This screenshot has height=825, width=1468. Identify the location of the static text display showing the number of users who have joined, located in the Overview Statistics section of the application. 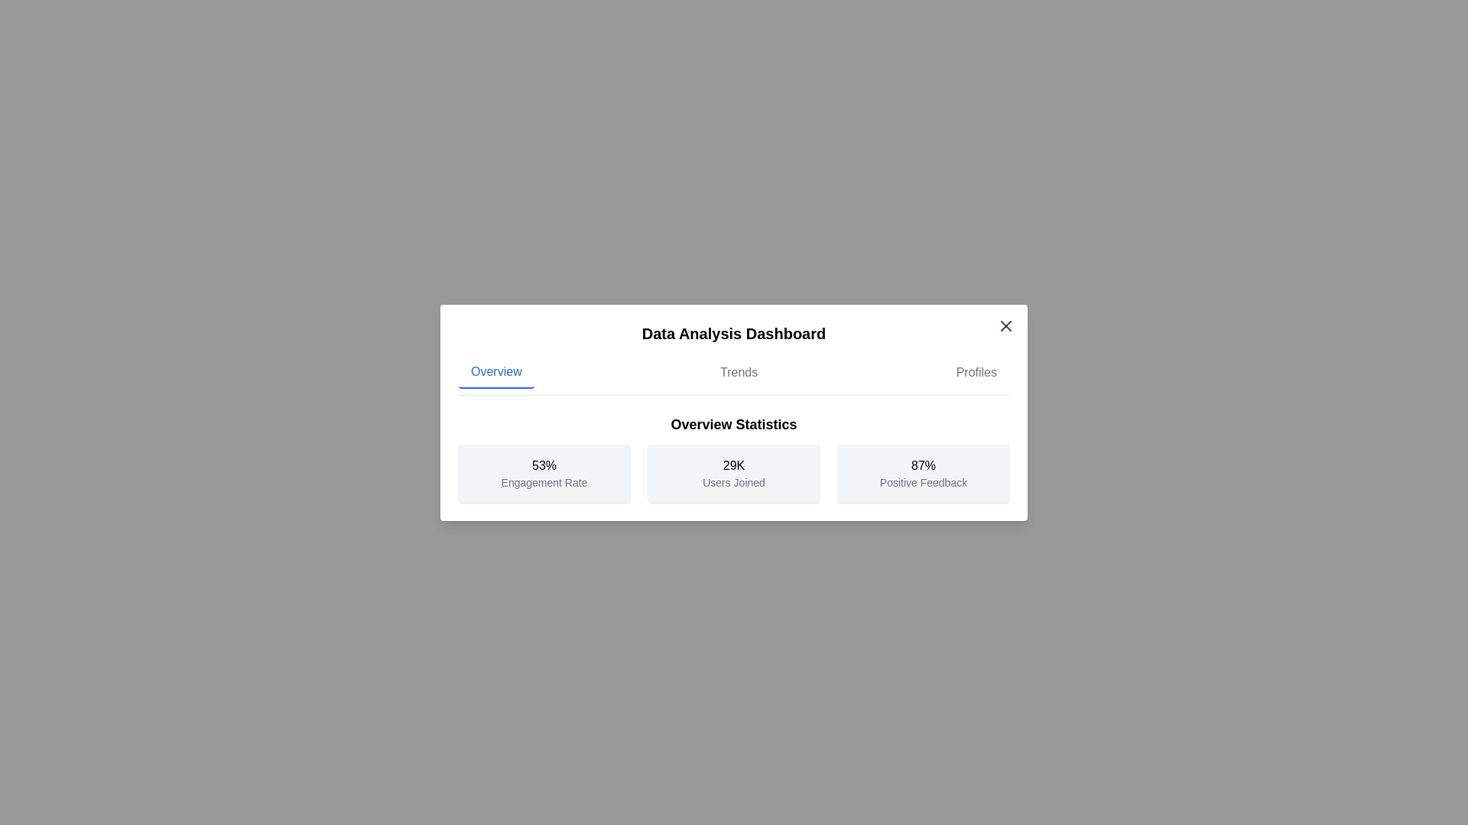
(734, 464).